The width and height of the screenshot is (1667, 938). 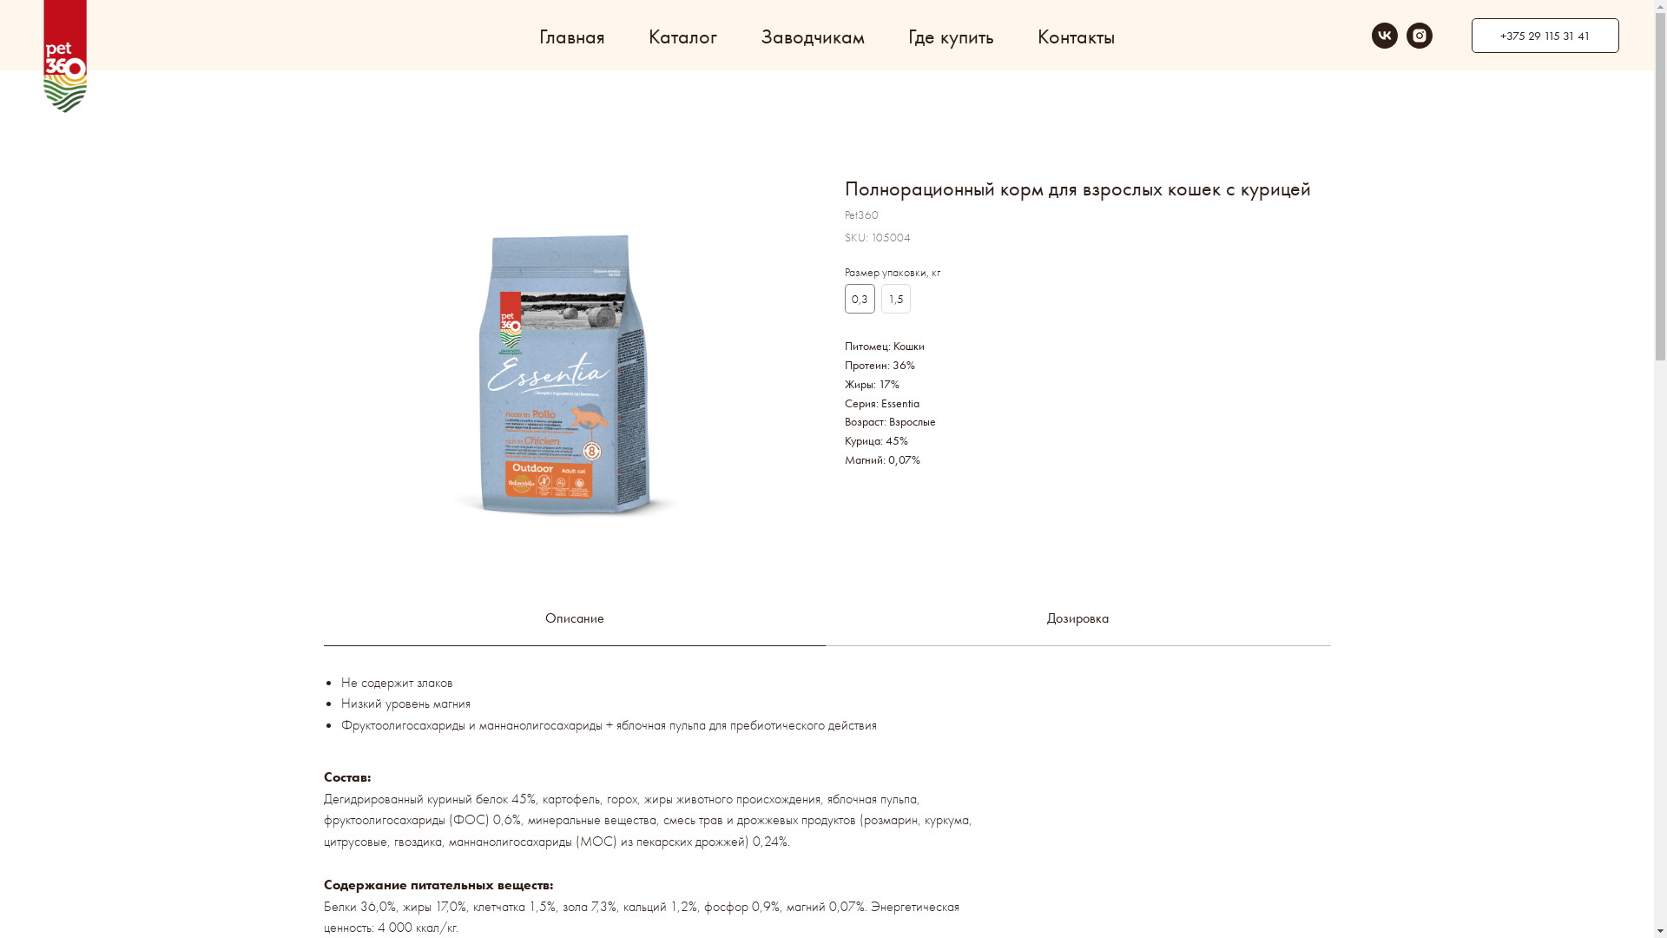 I want to click on '+375 29 115 31 41', so click(x=1545, y=36).